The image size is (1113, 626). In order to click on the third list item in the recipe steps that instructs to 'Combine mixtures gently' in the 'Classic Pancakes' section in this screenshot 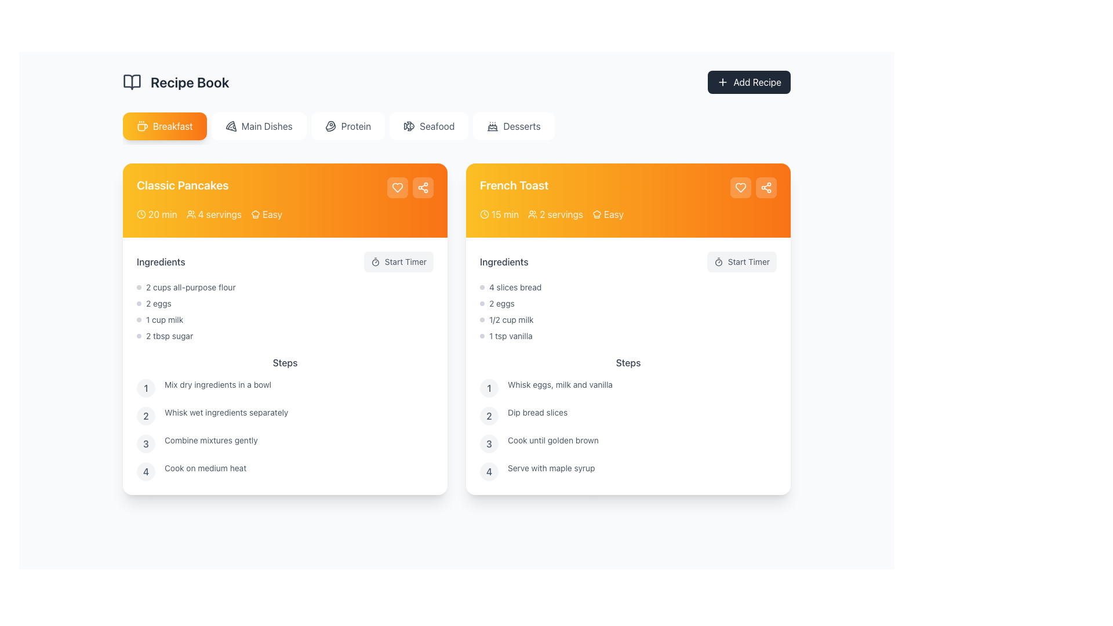, I will do `click(285, 443)`.